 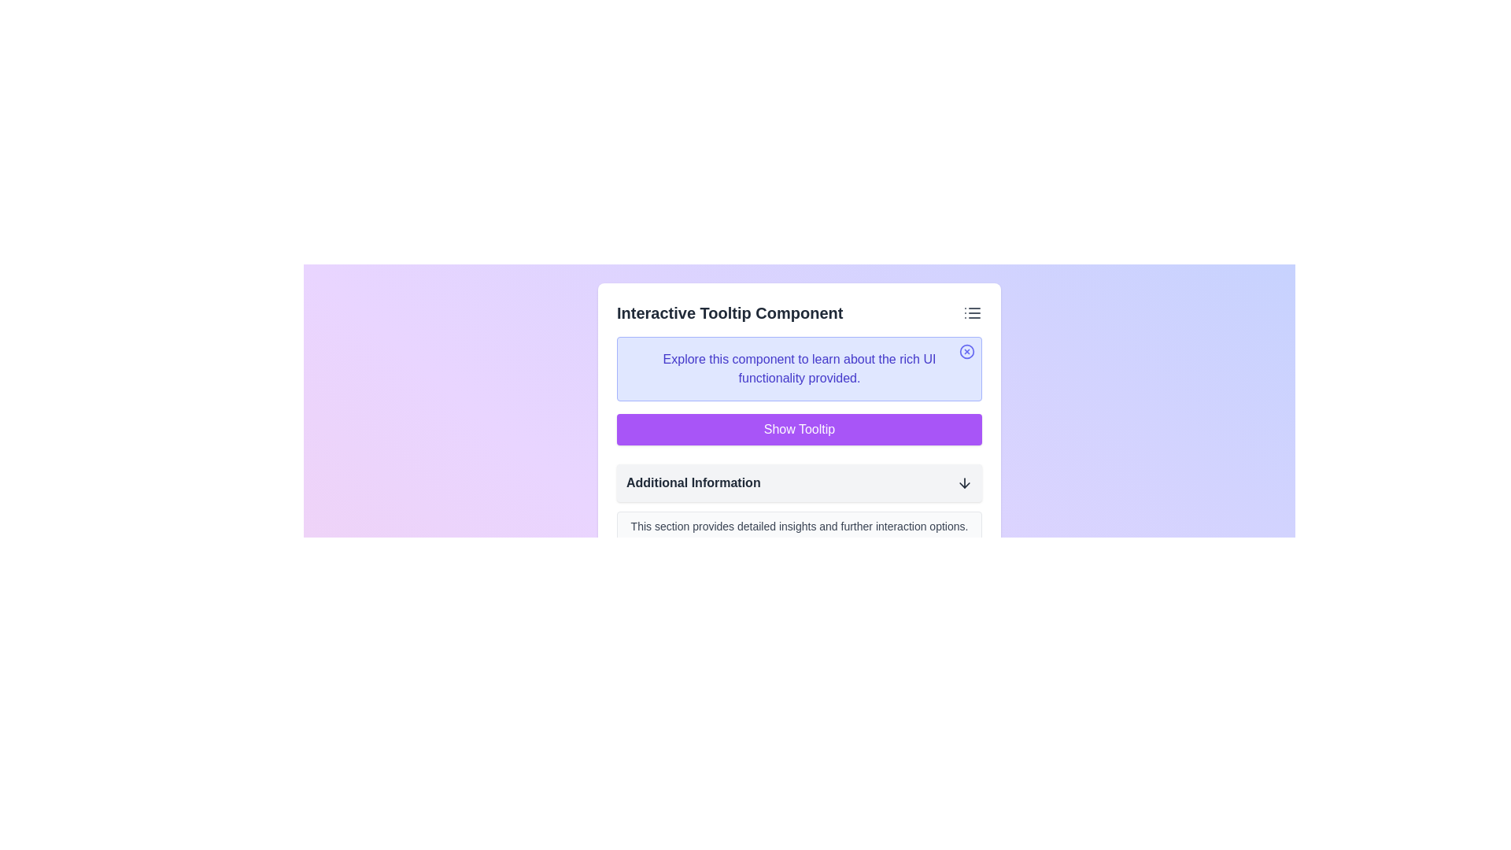 What do you see at coordinates (800, 312) in the screenshot?
I see `the action icon located at the far right of the title section` at bounding box center [800, 312].